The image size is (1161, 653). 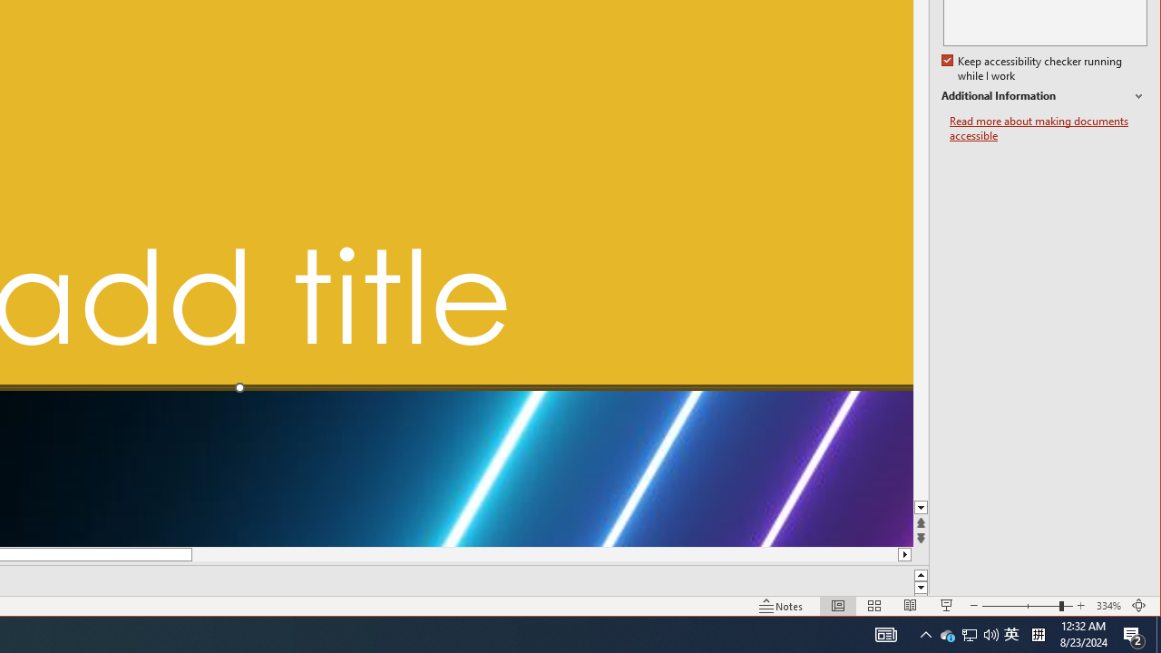 What do you see at coordinates (1107, 606) in the screenshot?
I see `'Zoom 334%'` at bounding box center [1107, 606].